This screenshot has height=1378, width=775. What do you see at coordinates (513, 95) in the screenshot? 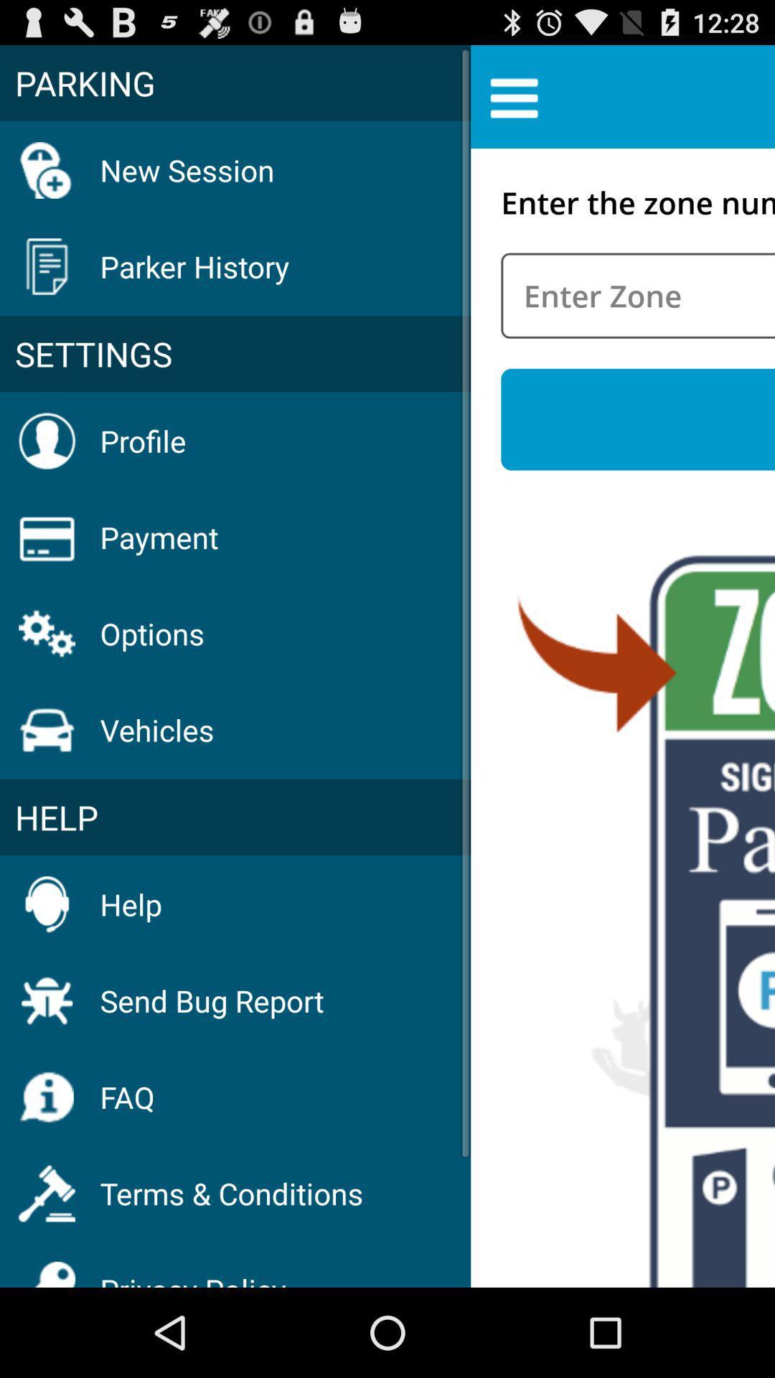
I see `item to the right of the parking` at bounding box center [513, 95].